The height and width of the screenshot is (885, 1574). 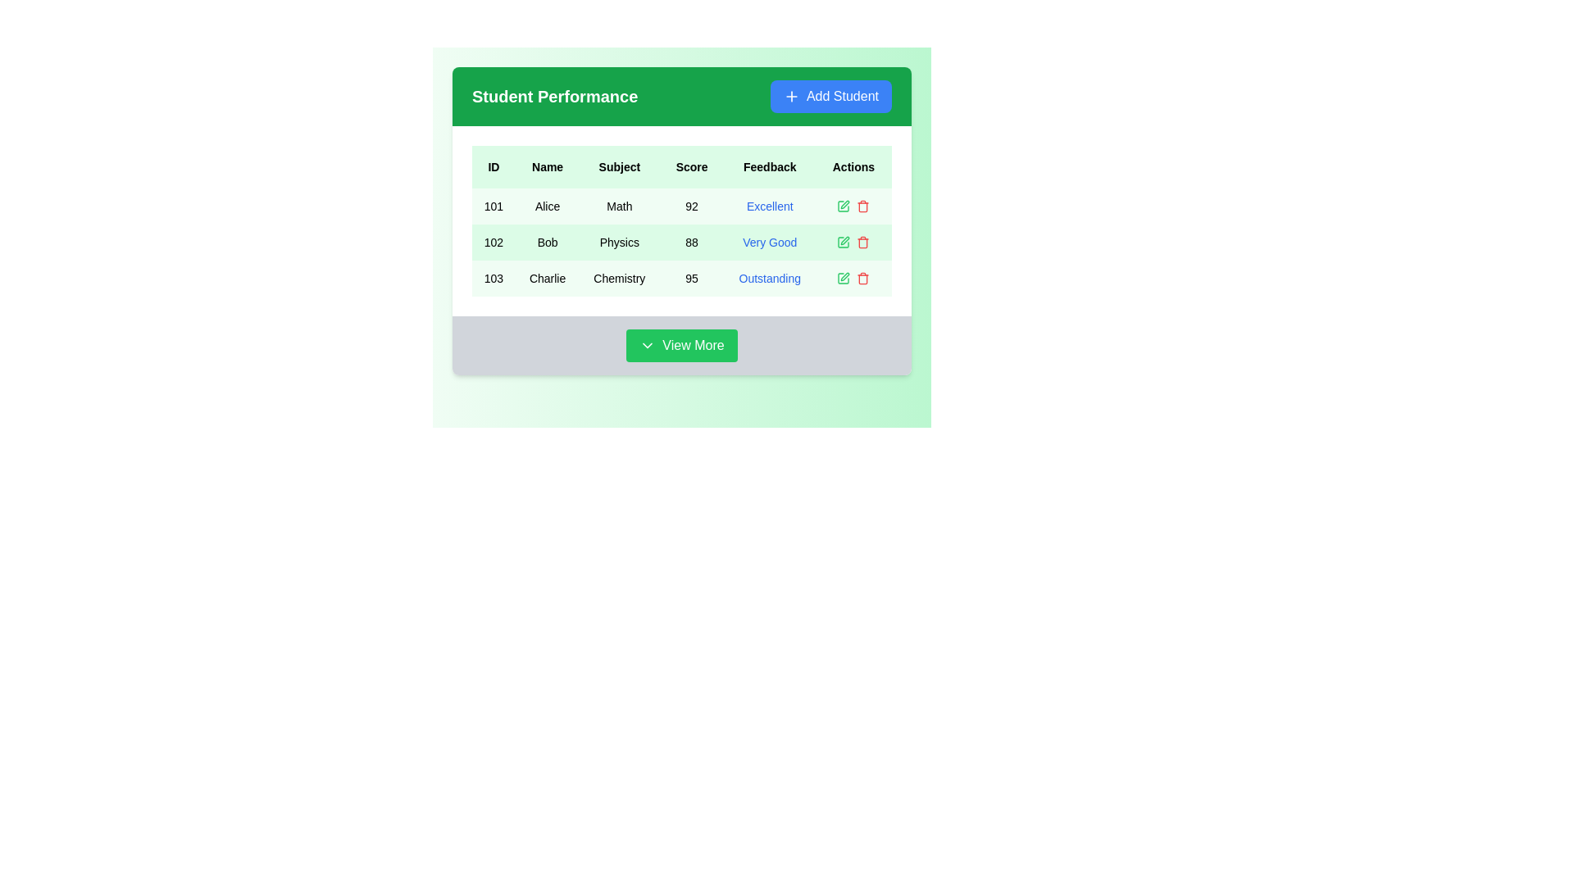 What do you see at coordinates (681, 243) in the screenshot?
I see `the text within the second row of the 'Student Performance' table, which contains attributes such as 'ID: 102', 'Name: Bob', 'Subject: Physics', 'Score: 88', 'Feedback: Very Good'` at bounding box center [681, 243].